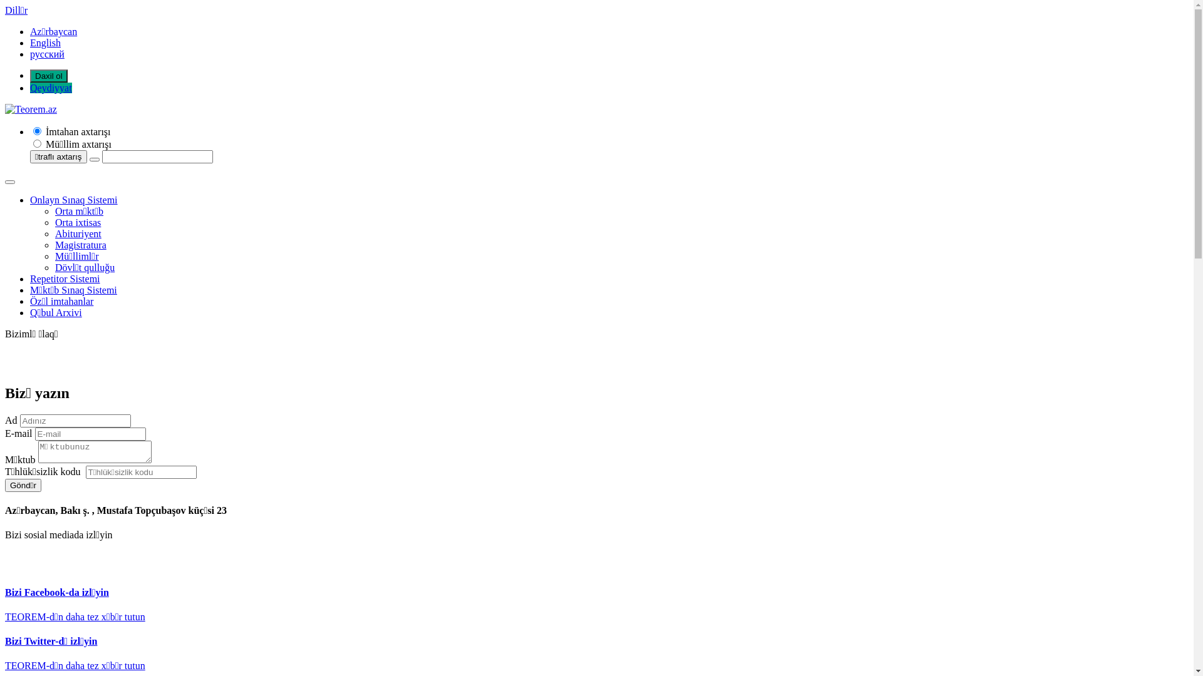  I want to click on 'Orta ixtisas', so click(77, 222).